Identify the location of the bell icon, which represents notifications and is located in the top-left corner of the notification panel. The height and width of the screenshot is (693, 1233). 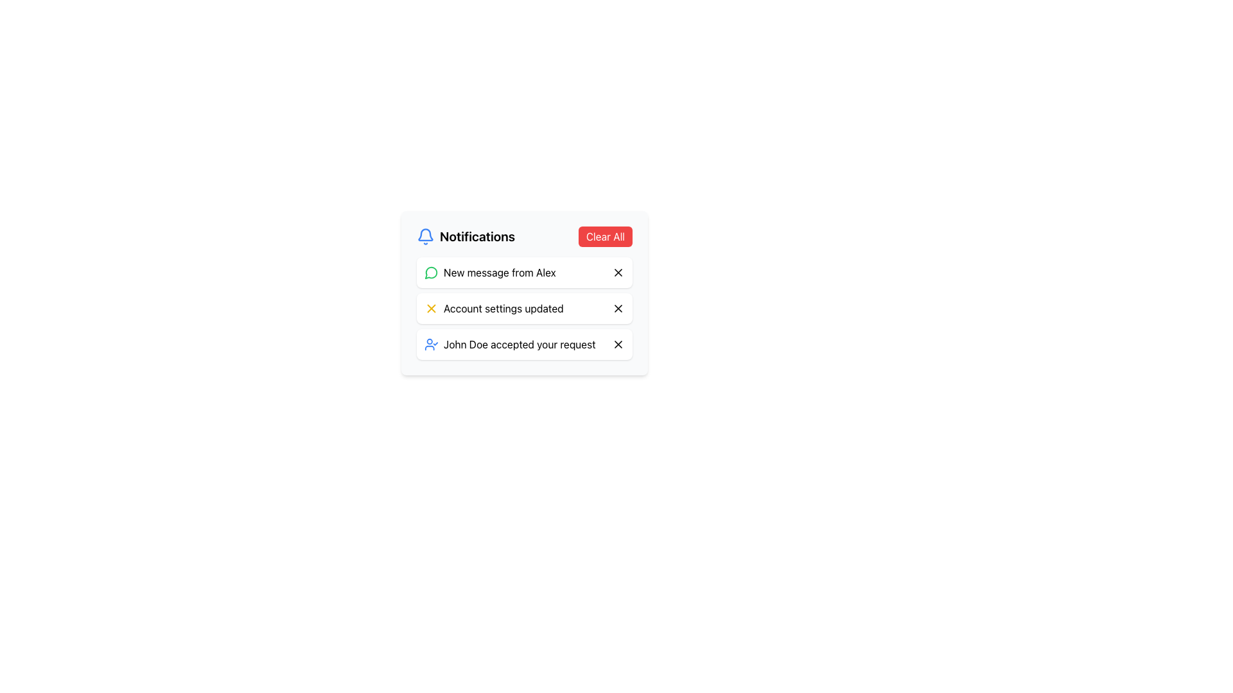
(425, 237).